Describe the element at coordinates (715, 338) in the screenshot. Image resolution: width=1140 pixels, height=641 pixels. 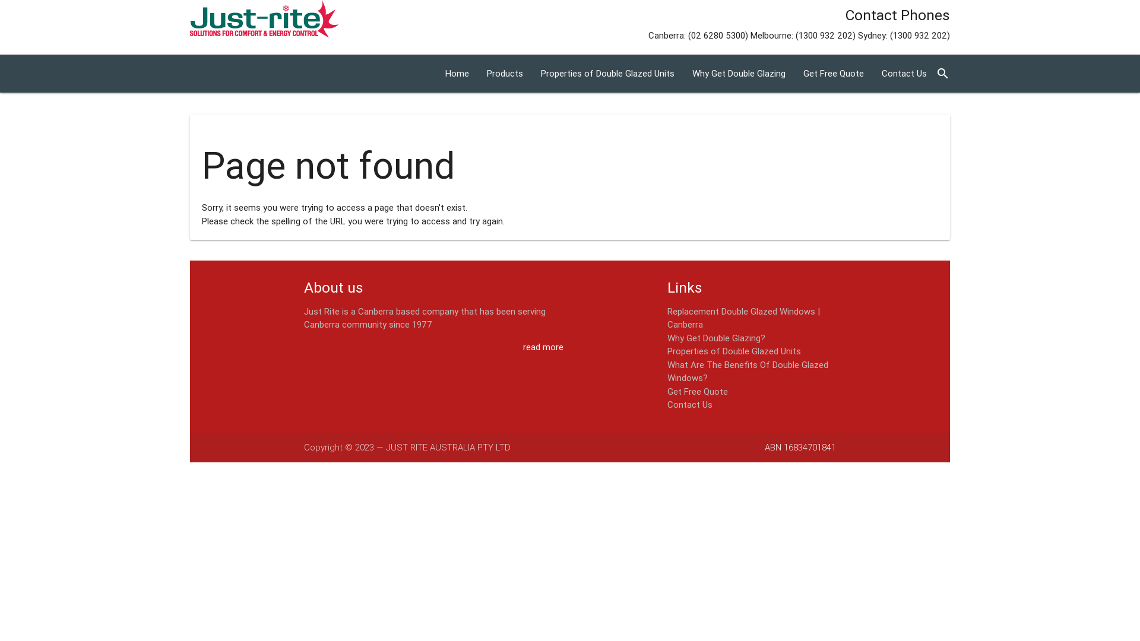
I see `'Why Get Double Glazing?'` at that location.